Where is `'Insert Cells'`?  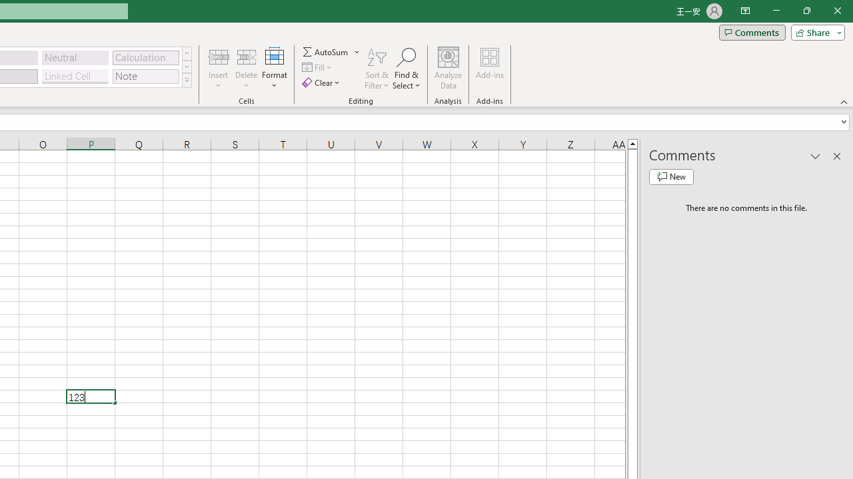
'Insert Cells' is located at coordinates (219, 56).